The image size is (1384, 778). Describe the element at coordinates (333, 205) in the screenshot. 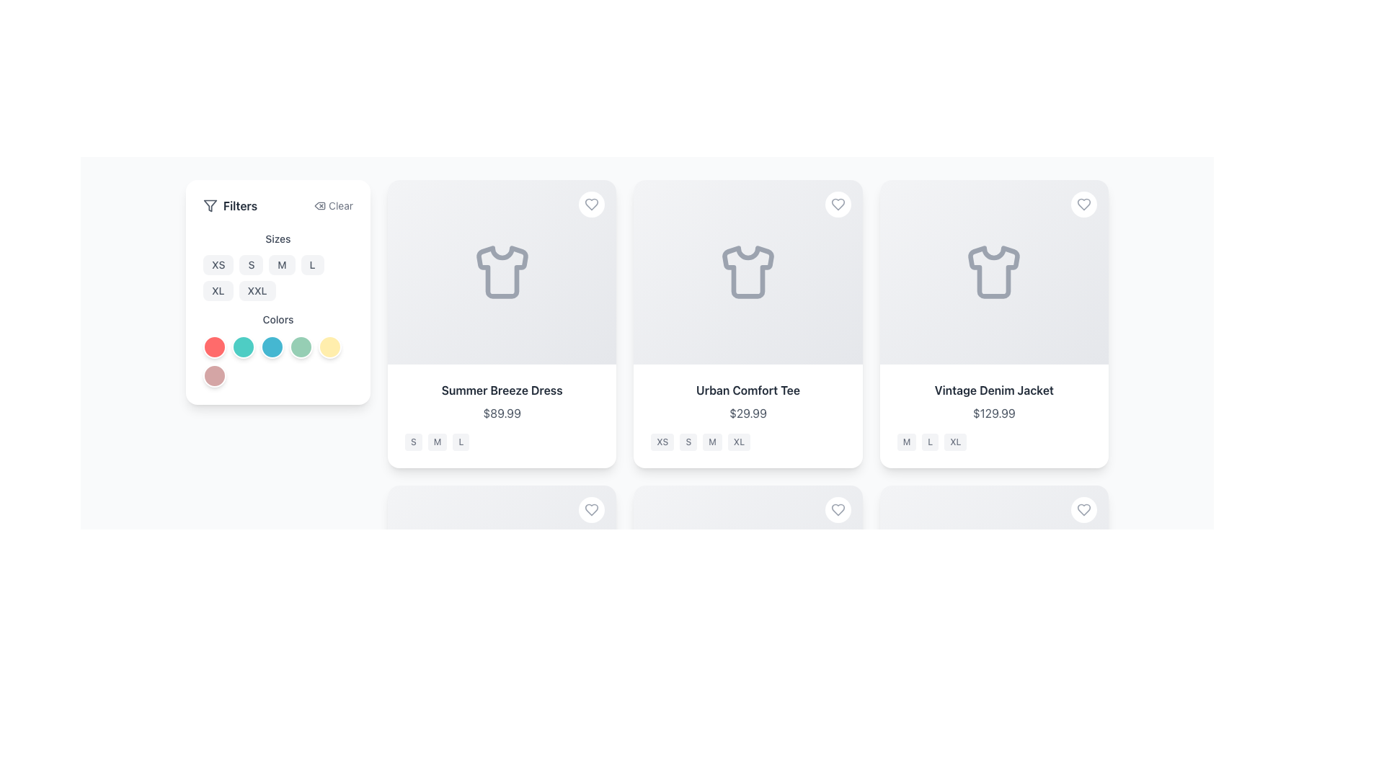

I see `the 'Clear' button in the upper-right corner of the filter section, which features a delete icon and gray text, to clear filters` at that location.